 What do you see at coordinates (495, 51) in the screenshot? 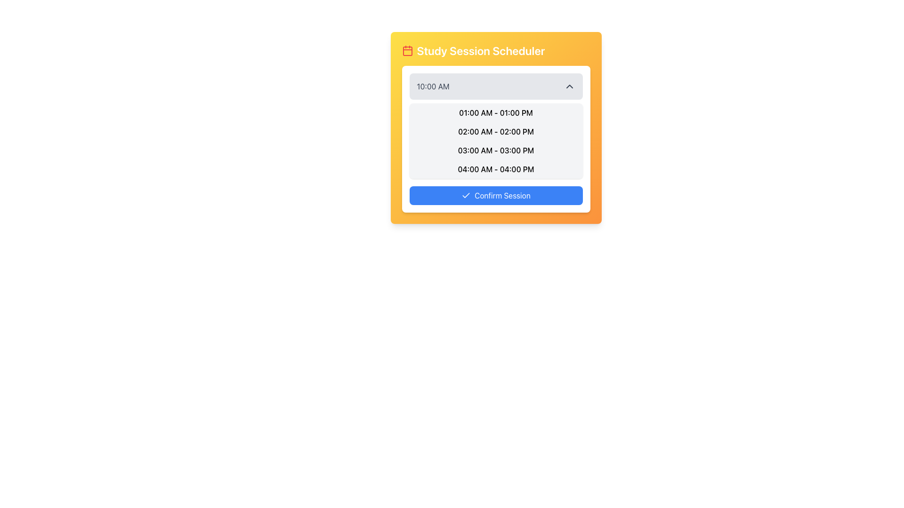
I see `the header text area displaying 'Study Session Scheduler' with a red calendar icon, styled with a large, bold white font against a gradient background` at bounding box center [495, 51].